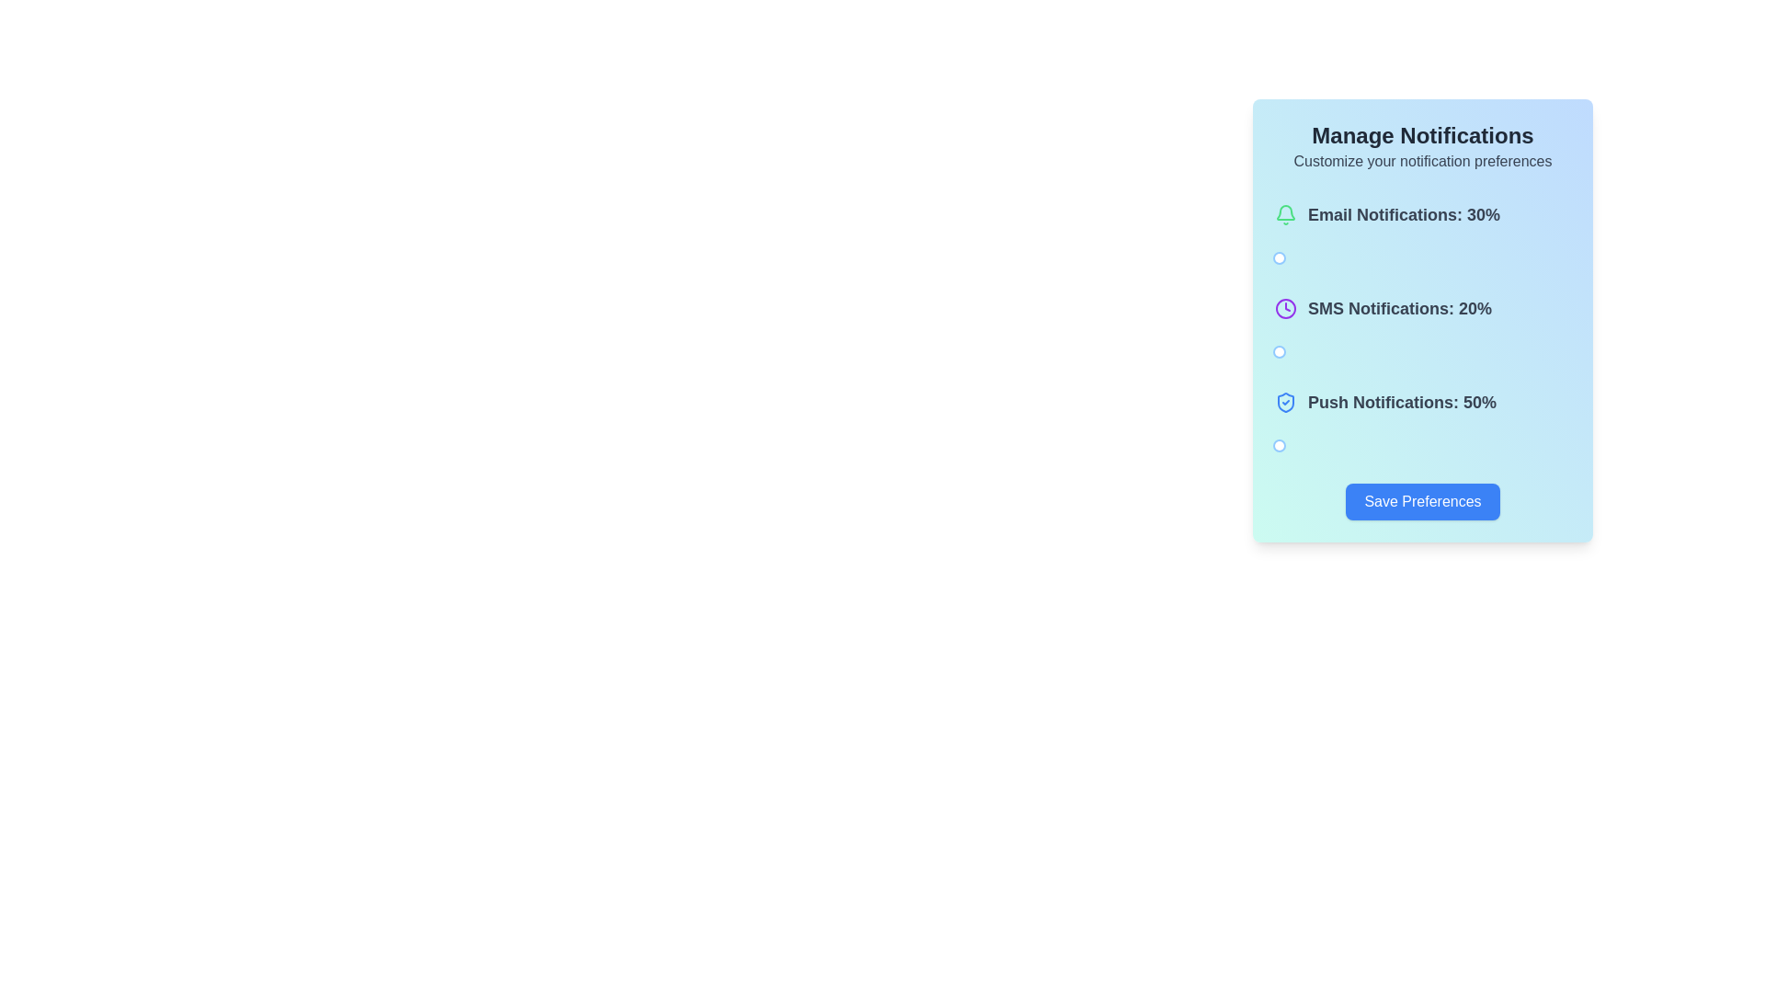 This screenshot has width=1765, height=993. I want to click on the save button, so click(1422, 502).